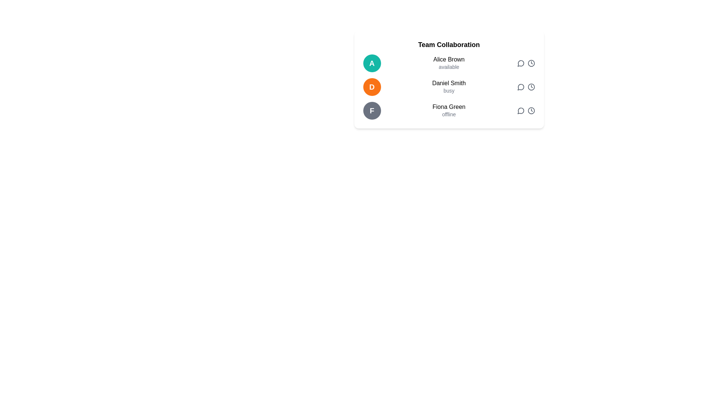 The width and height of the screenshot is (711, 400). I want to click on the text element displaying 'Fiona Green', which is located above the text 'offline' in the 'Team Collaboration' section, specifically in the third row of user entries, so click(448, 107).